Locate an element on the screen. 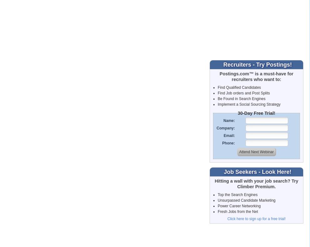 This screenshot has height=247, width=310. 'Hitting a wall with your job search?  Try Climber Premium.' is located at coordinates (256, 183).